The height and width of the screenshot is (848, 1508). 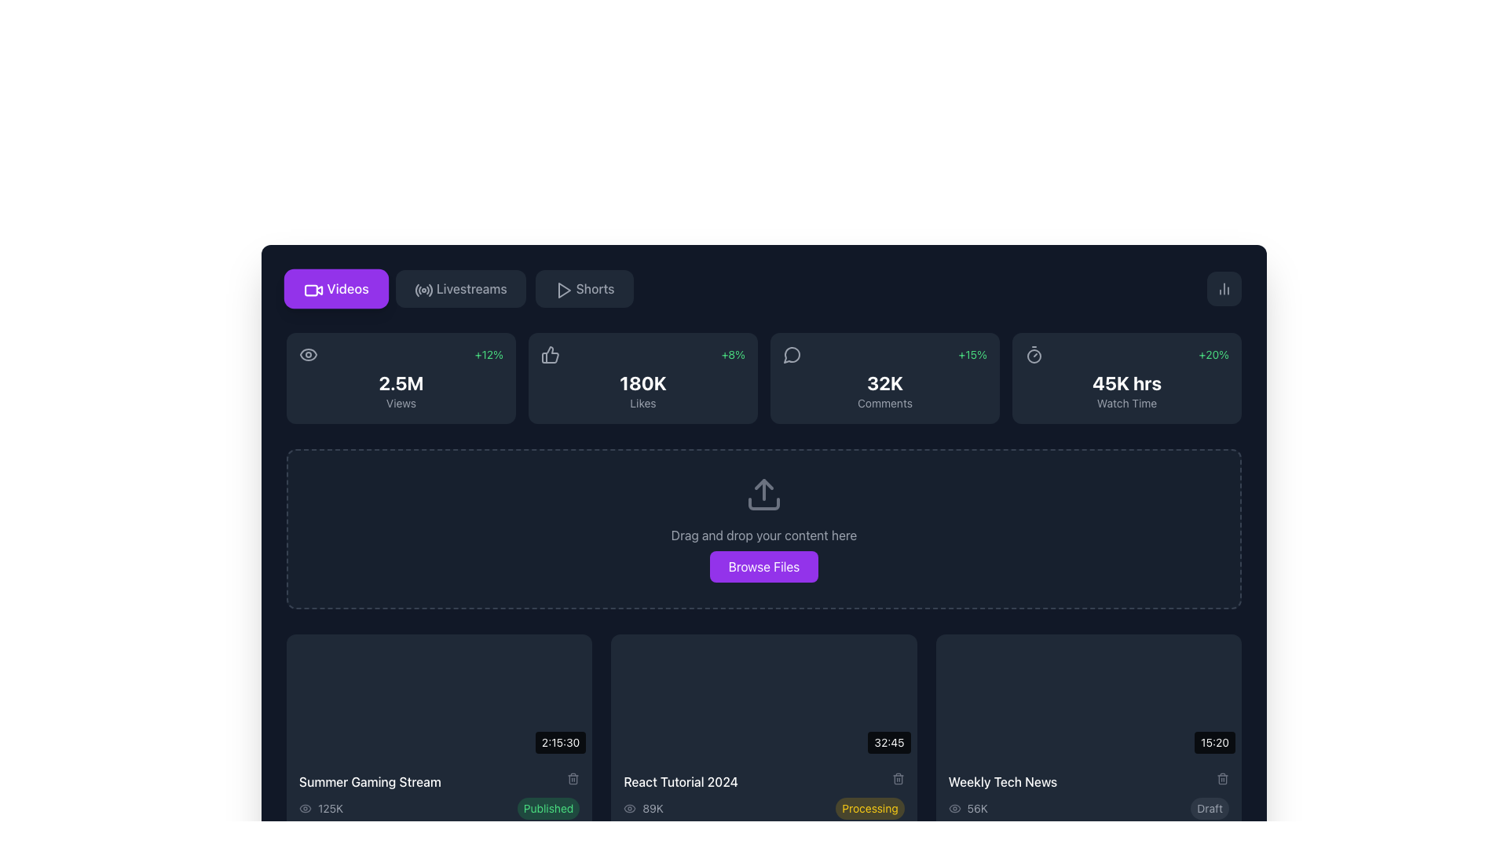 I want to click on the text label that describes the number of comments, located directly under the '32K' metric in the statistical panel, so click(x=885, y=402).